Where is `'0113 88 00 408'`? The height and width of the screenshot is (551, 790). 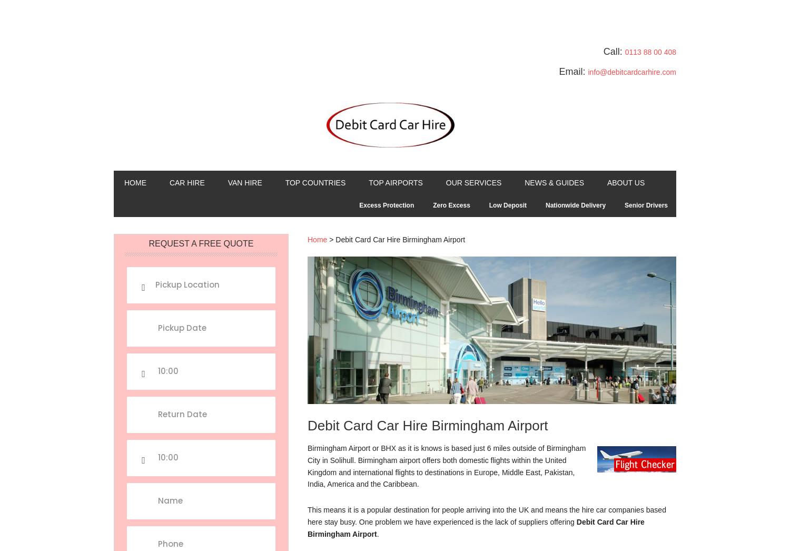
'0113 88 00 408' is located at coordinates (649, 52).